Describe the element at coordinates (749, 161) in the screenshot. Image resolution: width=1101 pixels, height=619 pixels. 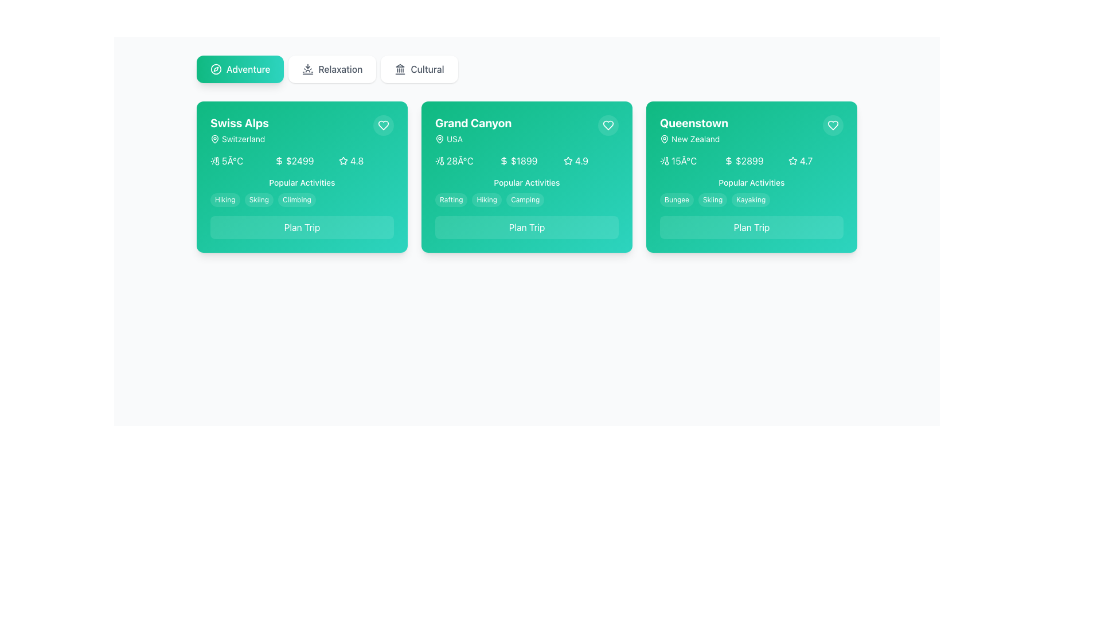
I see `the static text element displaying the price '$2899' within the turquoise card for 'Queenstown, New Zealand'` at that location.